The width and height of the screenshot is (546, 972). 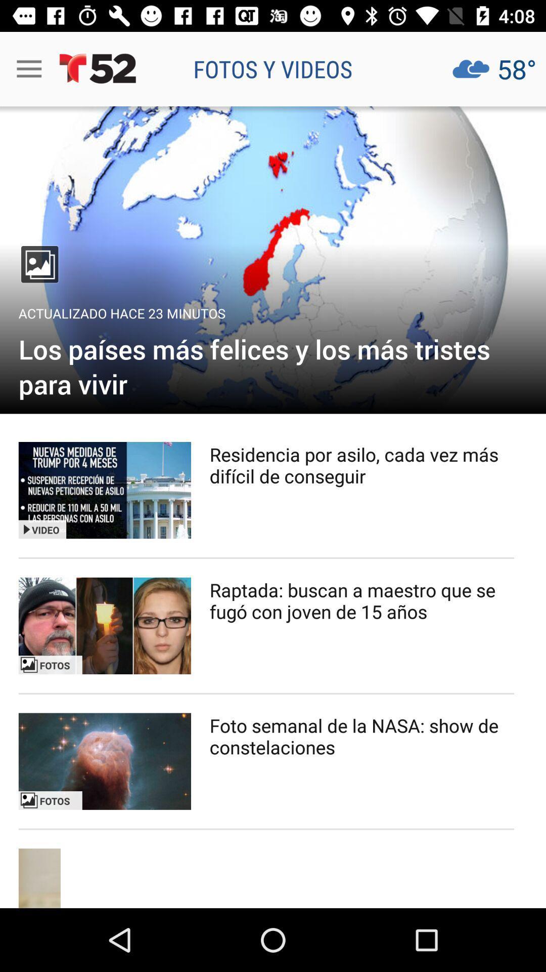 What do you see at coordinates (273, 260) in the screenshot?
I see `visit website` at bounding box center [273, 260].